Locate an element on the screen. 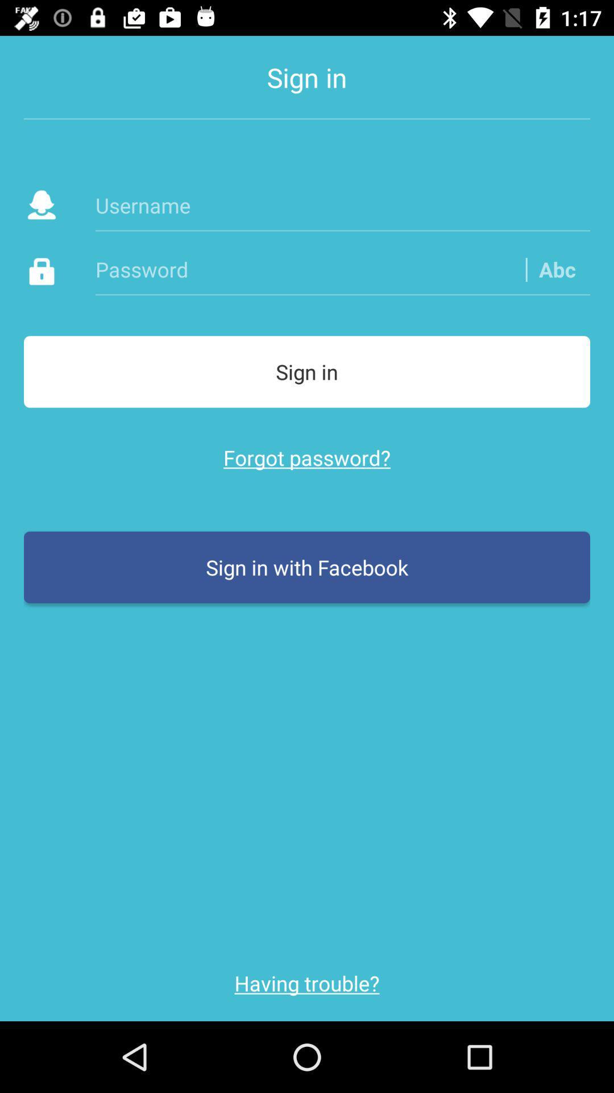 The height and width of the screenshot is (1093, 614). the icon above sign in with item is located at coordinates (307, 458).